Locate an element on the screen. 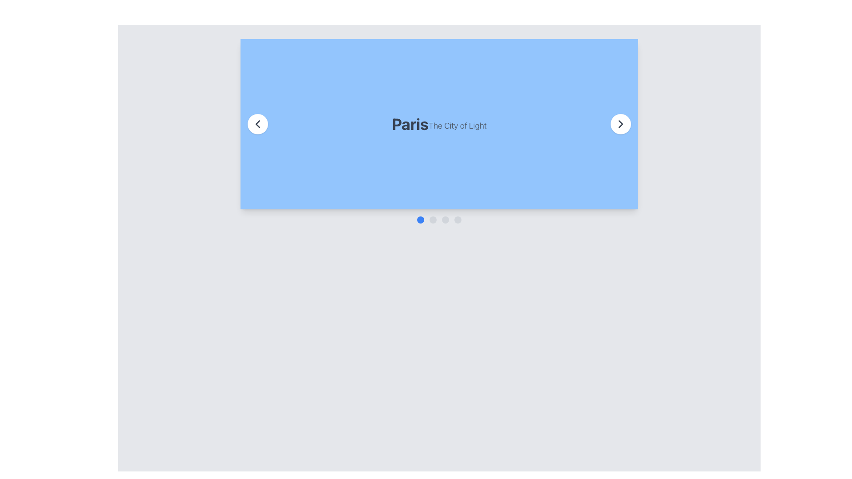 The height and width of the screenshot is (479, 852). the third circular indicator in the sequence of four, located near the bottom center of the interface, which has a light gray background is located at coordinates (445, 220).